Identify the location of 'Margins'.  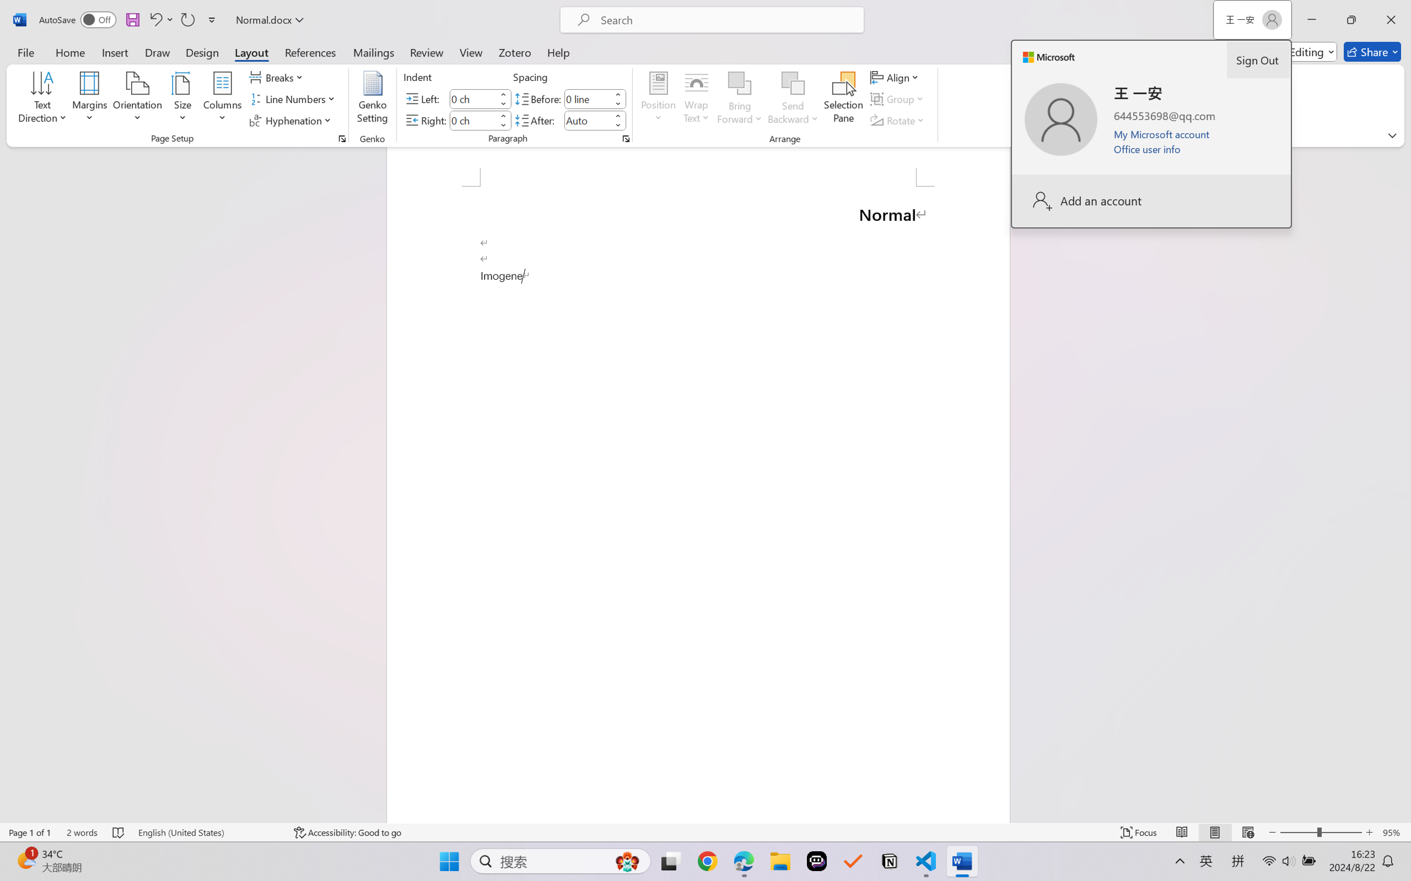
(89, 99).